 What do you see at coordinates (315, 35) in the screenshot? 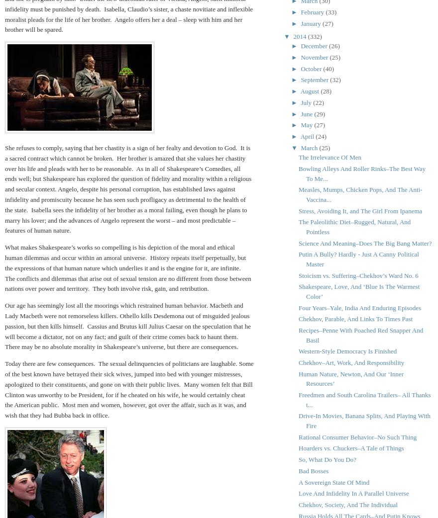
I see `'(332)'` at bounding box center [315, 35].